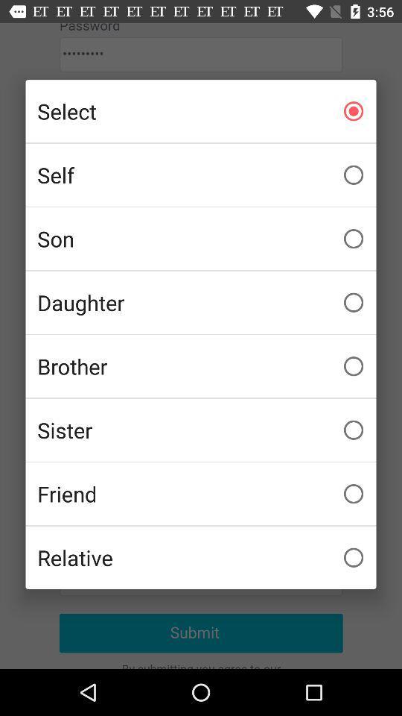  Describe the element at coordinates (201, 556) in the screenshot. I see `the relative checkbox` at that location.